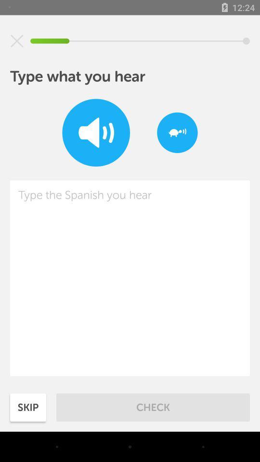 This screenshot has height=462, width=260. Describe the element at coordinates (28, 407) in the screenshot. I see `icon to the left of the check icon` at that location.